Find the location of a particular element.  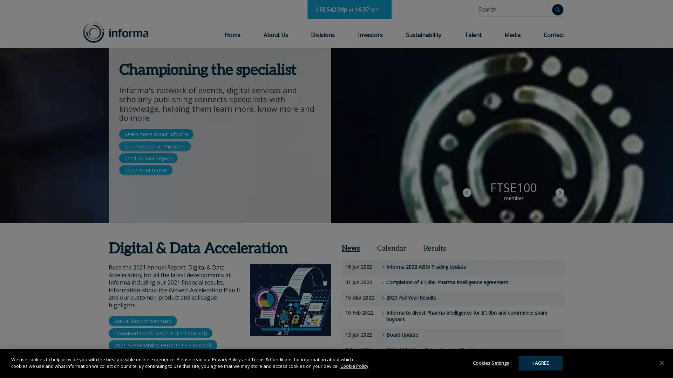

Cookies Settings is located at coordinates (490, 363).